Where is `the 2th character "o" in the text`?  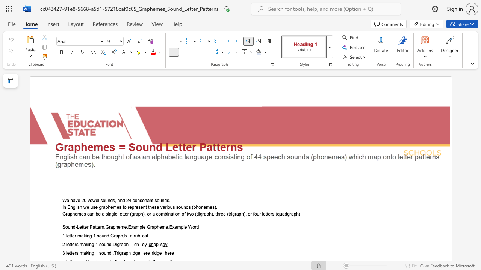
the 2th character "o" in the text is located at coordinates (103, 200).